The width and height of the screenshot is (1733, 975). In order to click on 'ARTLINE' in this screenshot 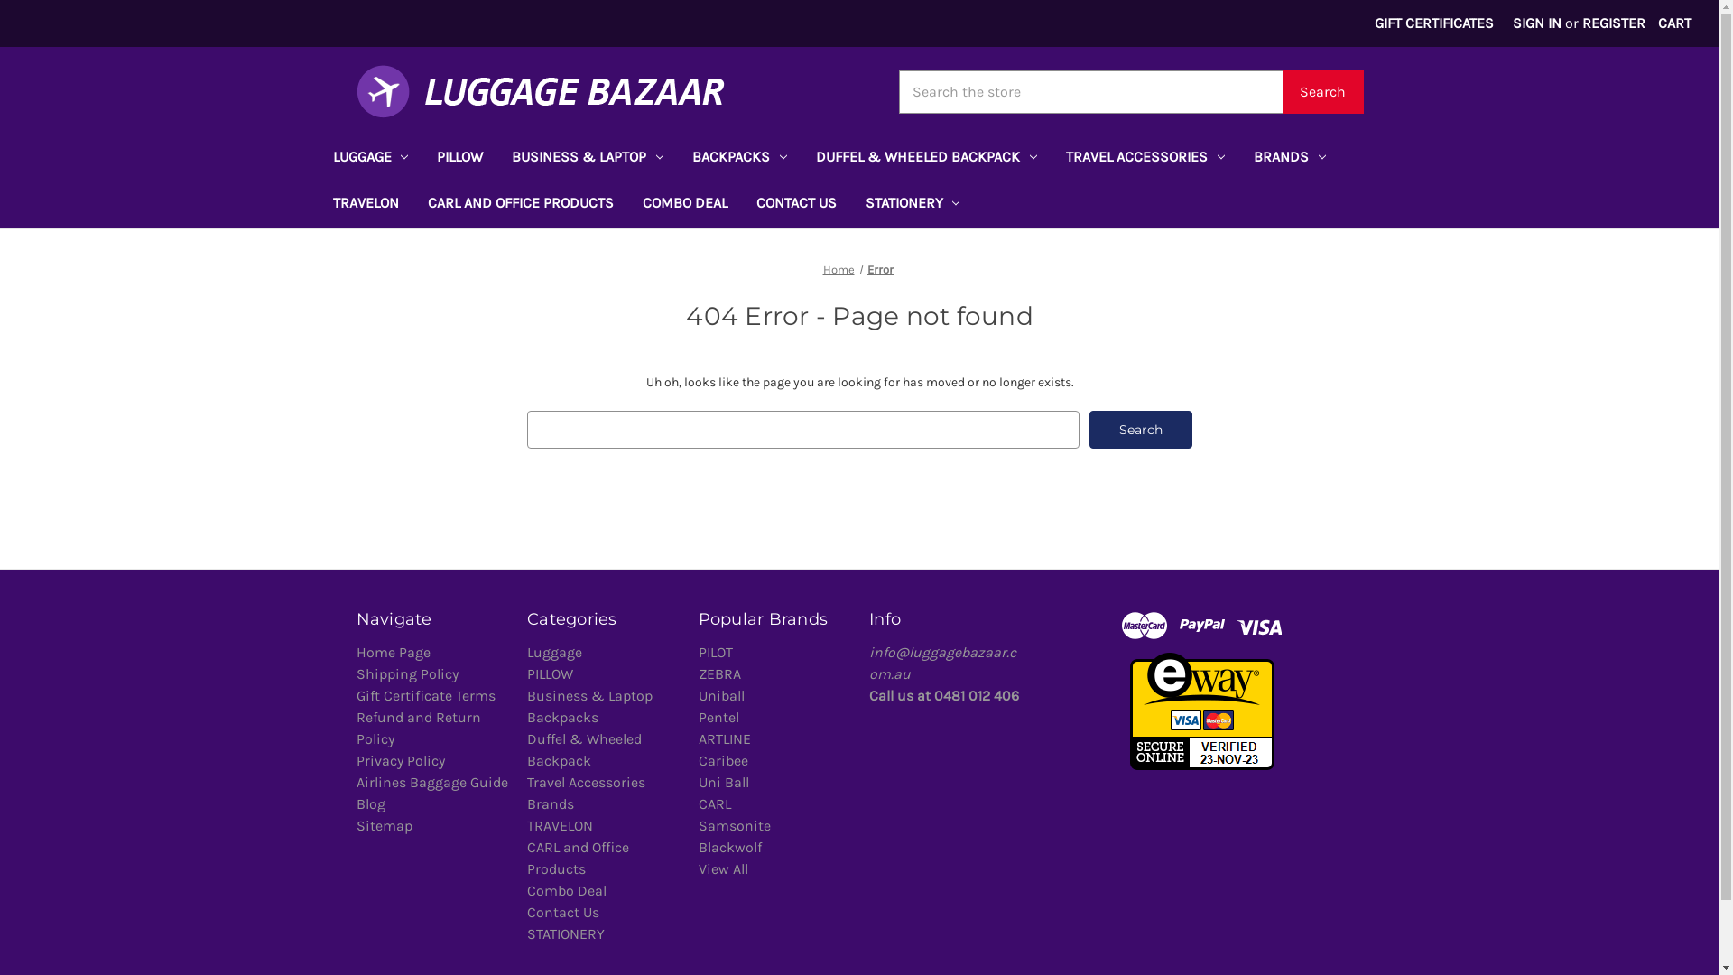, I will do `click(724, 738)`.